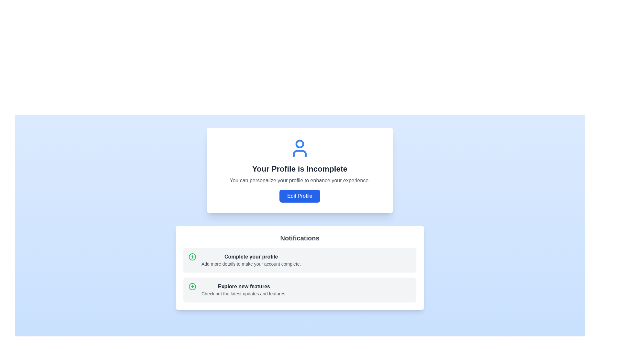 Image resolution: width=621 pixels, height=349 pixels. I want to click on the circular illustration representing a user's head in the profile card area, located at the center of the user interface above the 'Edit Profile' button, so click(299, 143).